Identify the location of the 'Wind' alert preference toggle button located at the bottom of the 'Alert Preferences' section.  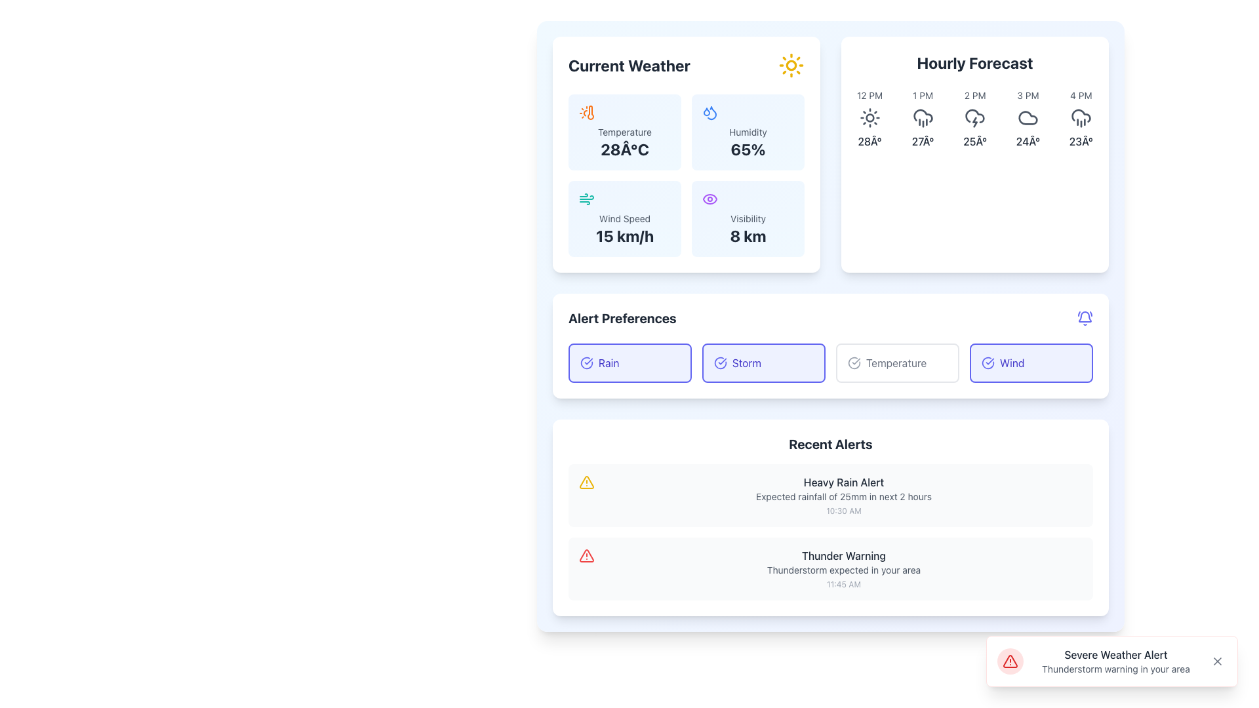
(1031, 363).